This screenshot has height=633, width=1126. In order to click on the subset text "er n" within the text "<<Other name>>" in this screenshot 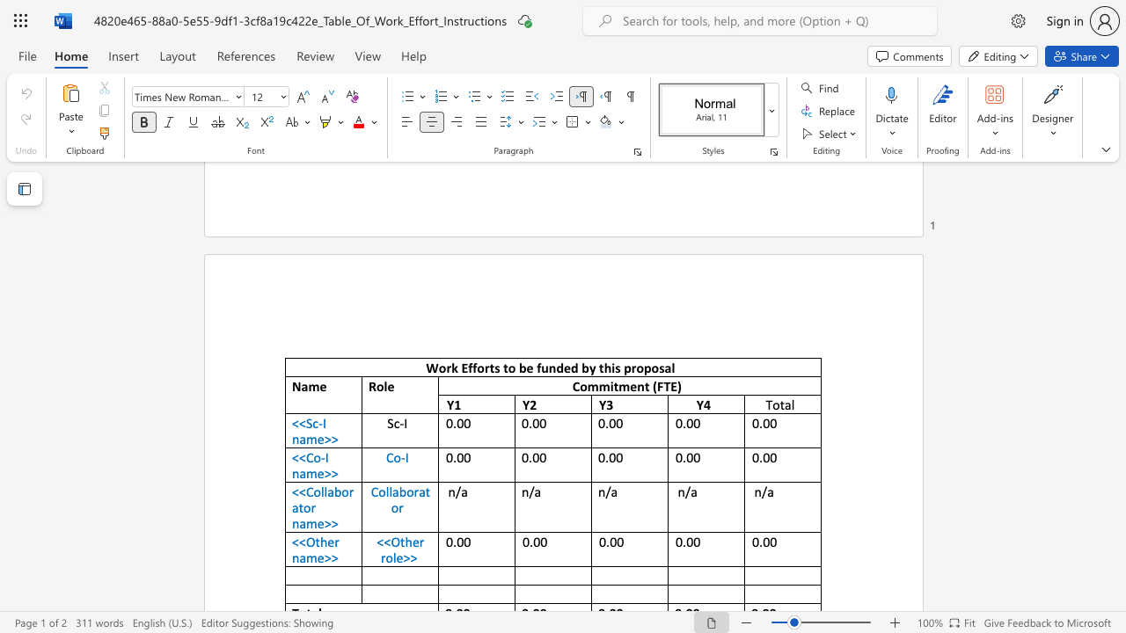, I will do `click(327, 541)`.